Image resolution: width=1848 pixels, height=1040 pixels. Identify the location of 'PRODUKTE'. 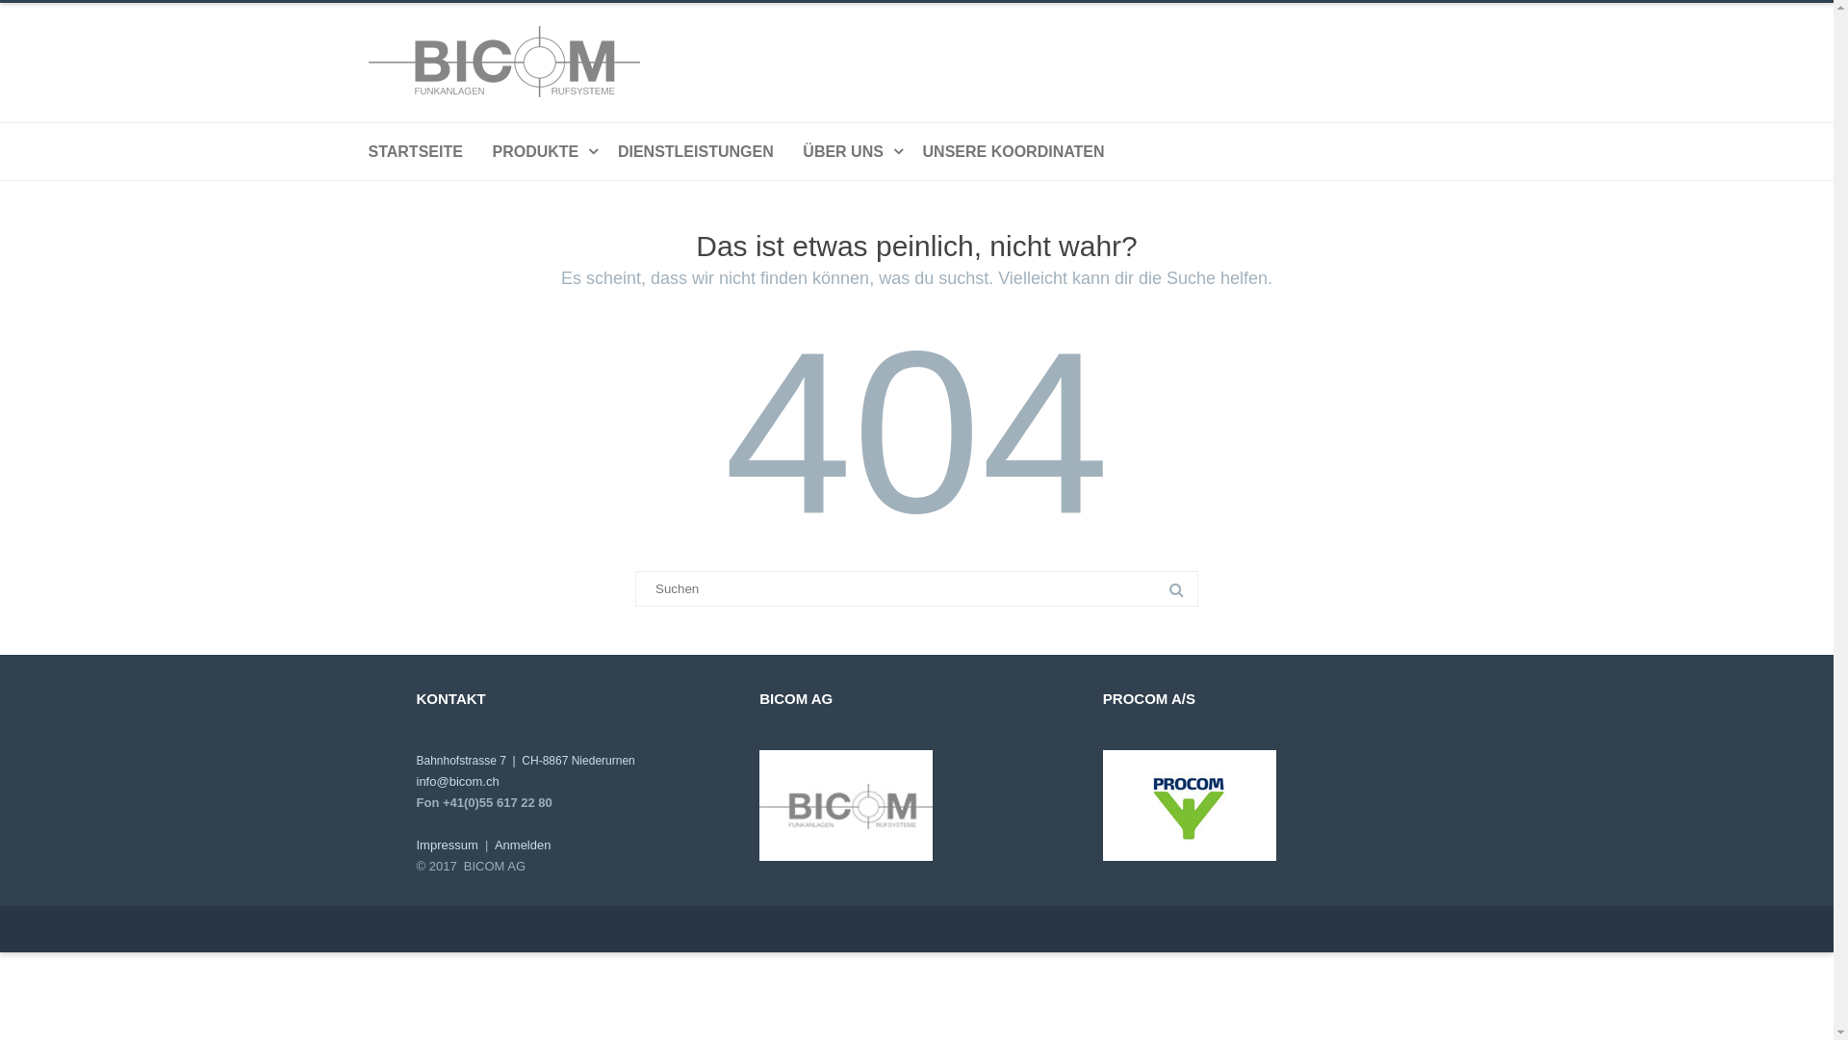
(539, 150).